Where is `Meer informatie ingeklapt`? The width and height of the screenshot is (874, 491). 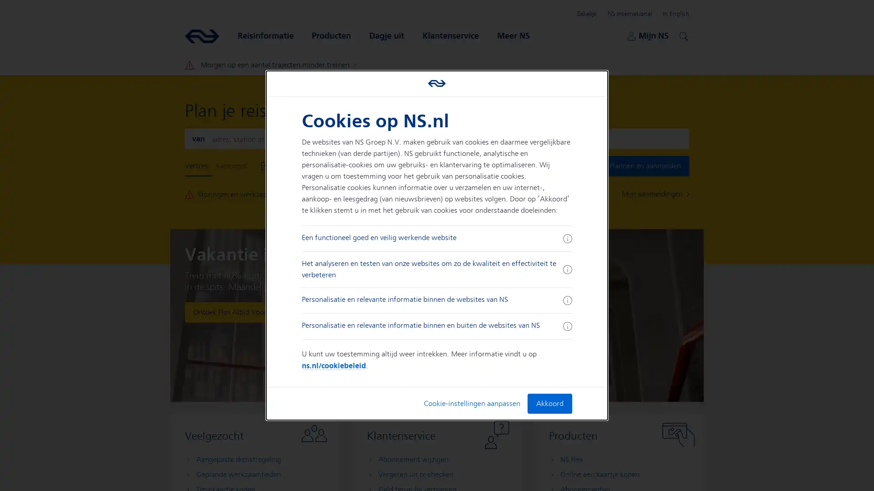
Meer informatie ingeklapt is located at coordinates (567, 269).